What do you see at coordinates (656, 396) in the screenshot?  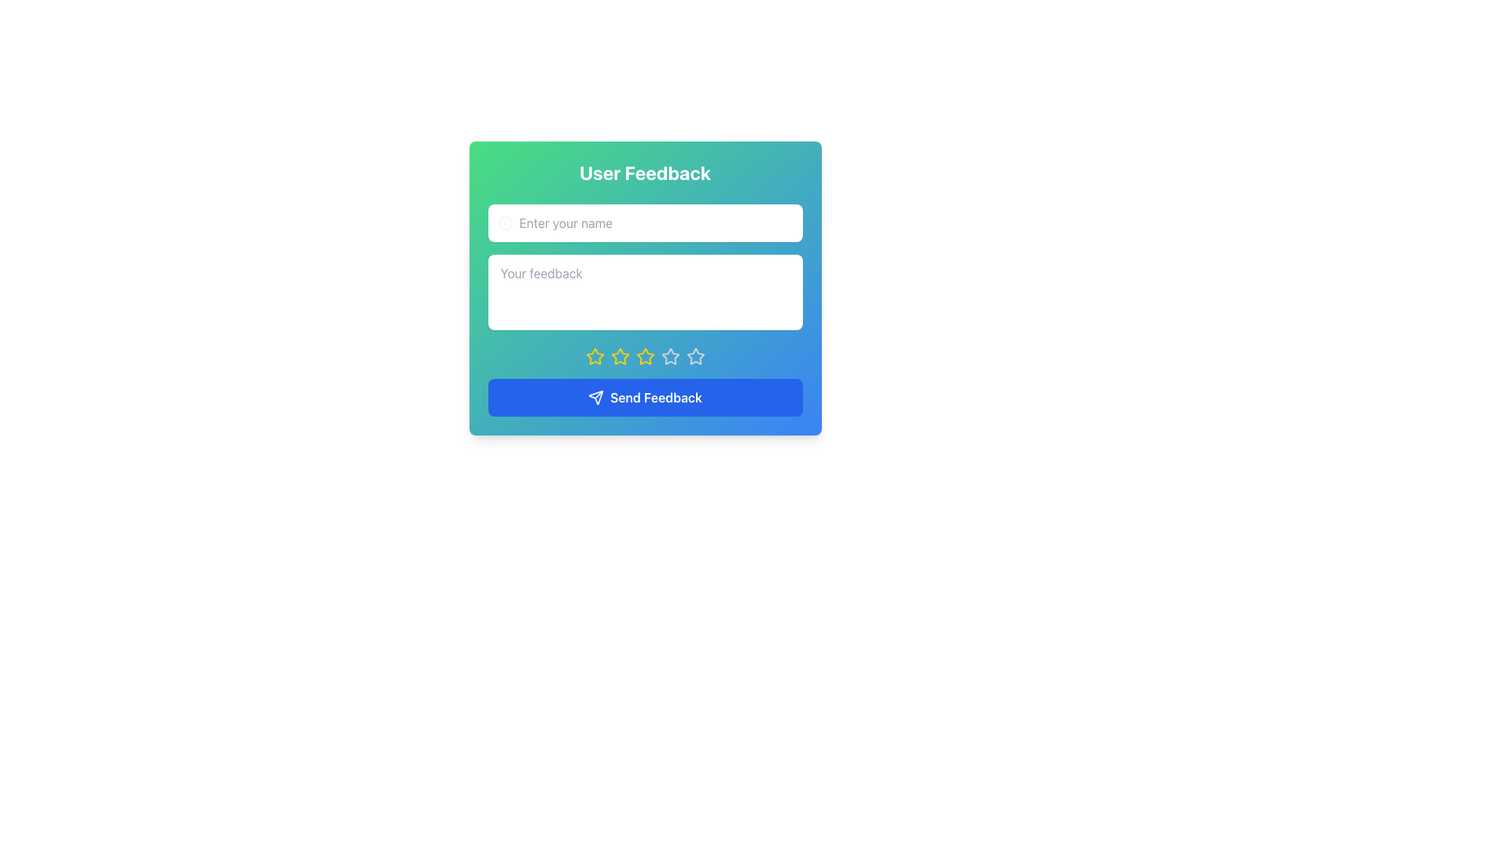 I see `the 'Send Feedback' button which contains the text label 'Send Feedback' in white font on a blue background` at bounding box center [656, 396].